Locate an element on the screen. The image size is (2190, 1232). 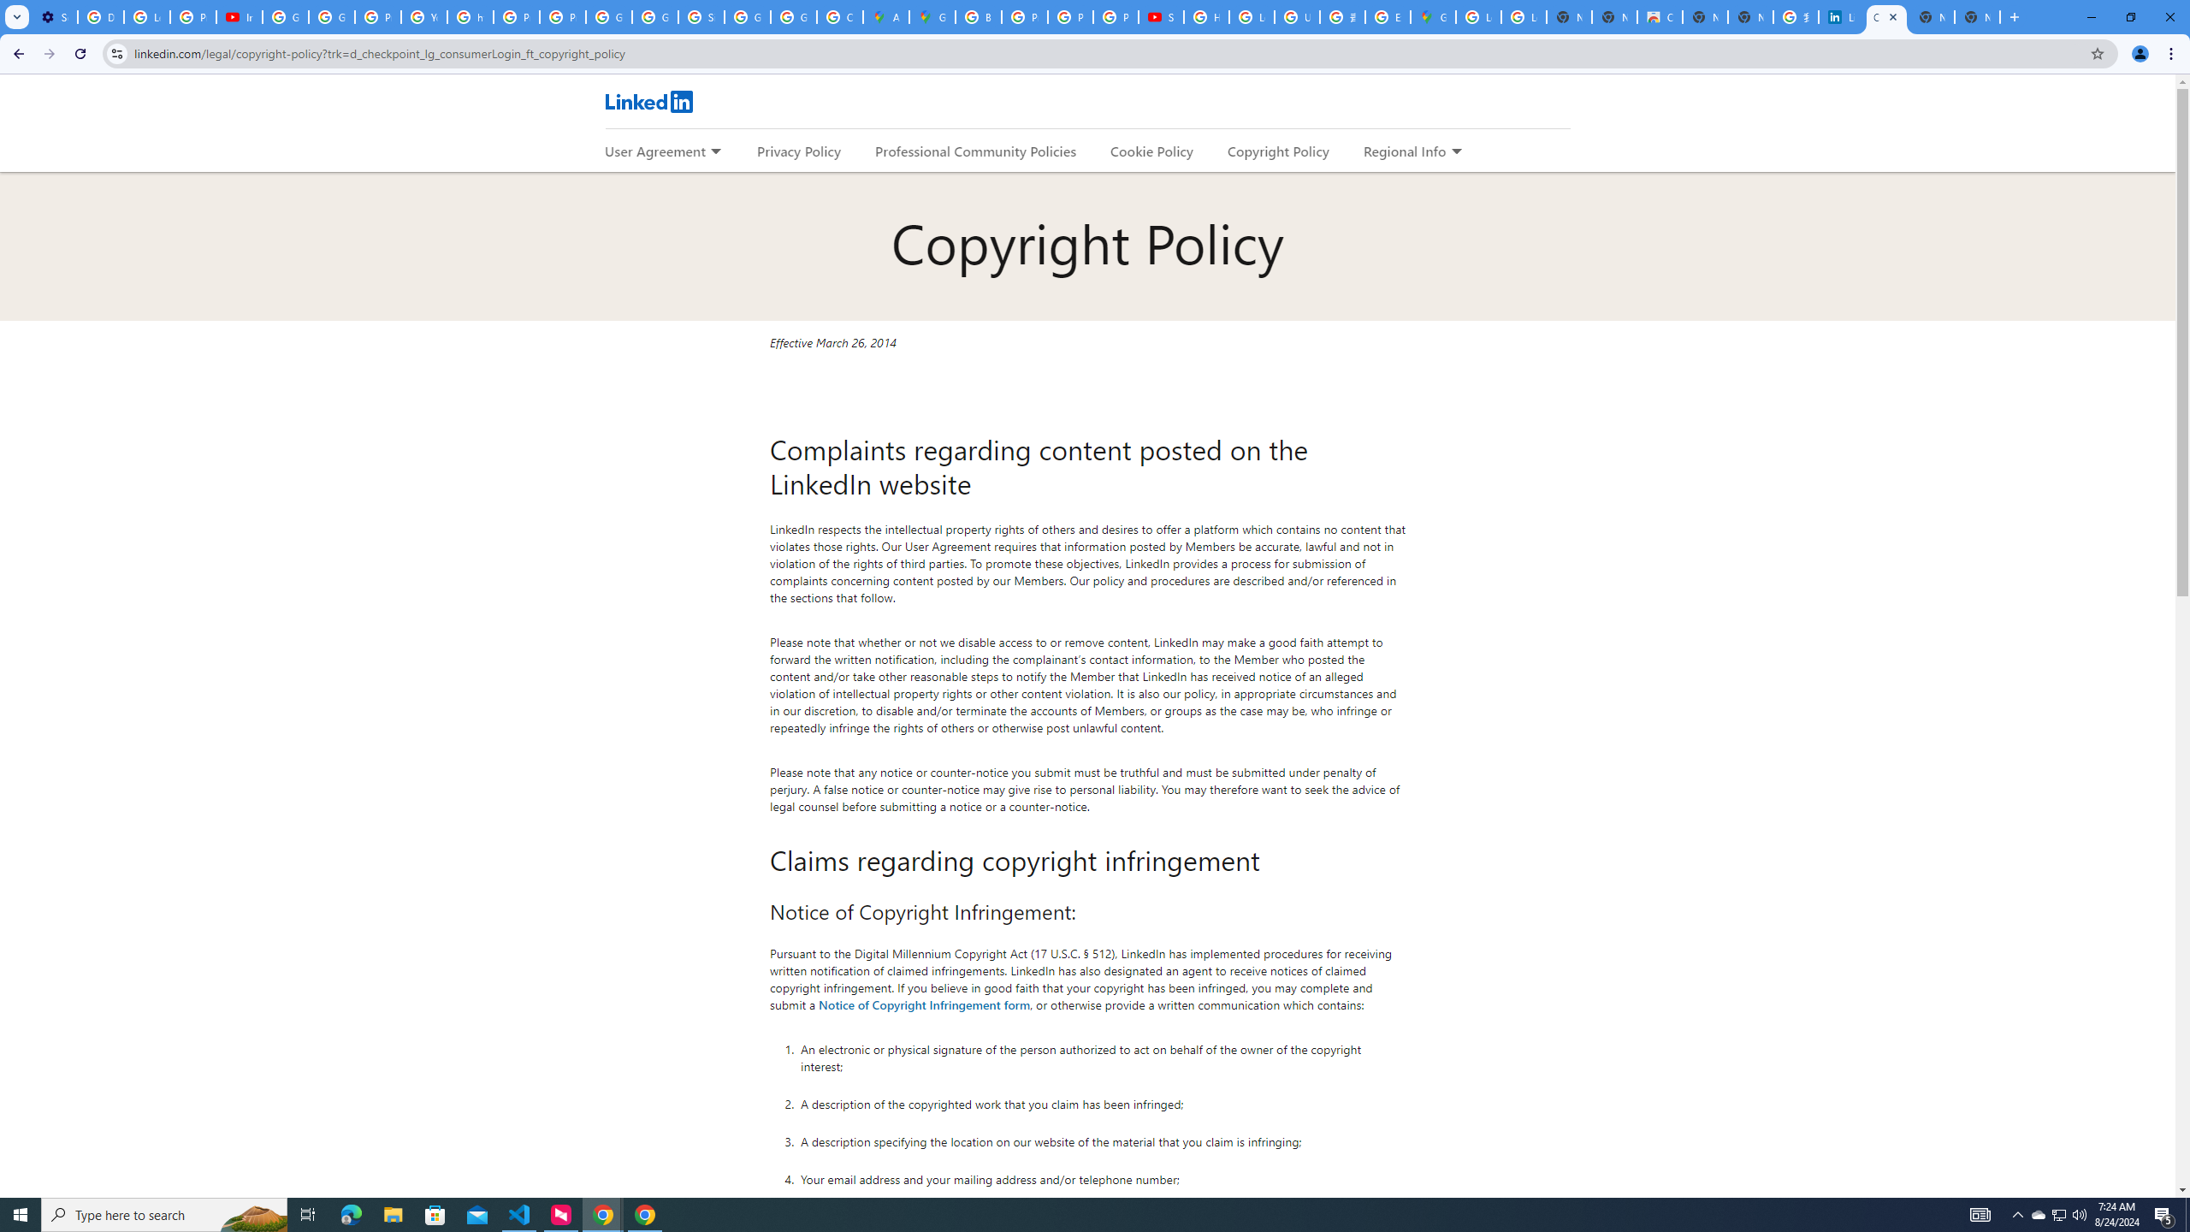
'Privacy Help Center - Policies Help' is located at coordinates (1025, 16).